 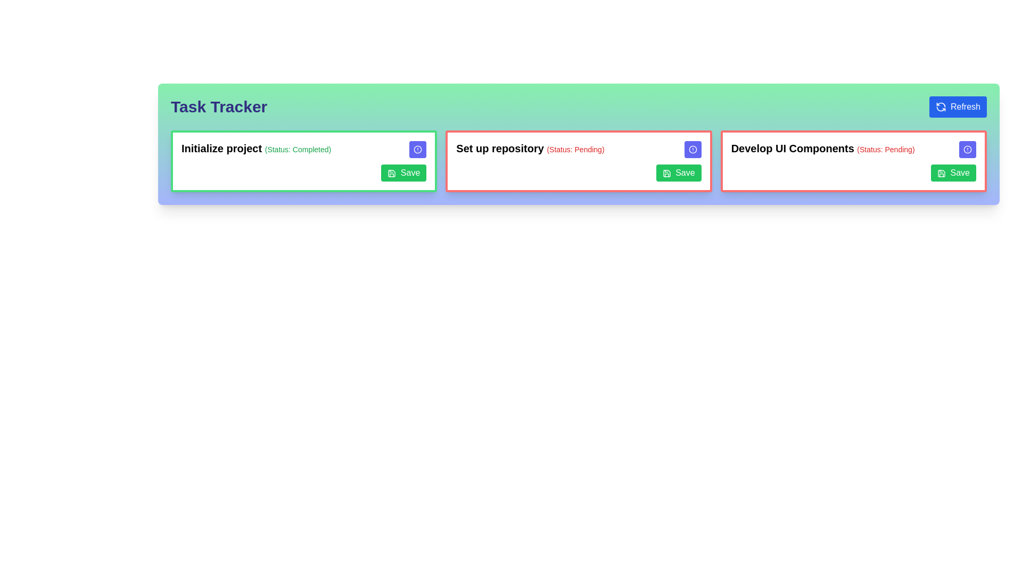 What do you see at coordinates (666, 172) in the screenshot?
I see `the floppy disk icon within the green 'Save' button located in the lower right corner of the 'Set up repository' card` at bounding box center [666, 172].